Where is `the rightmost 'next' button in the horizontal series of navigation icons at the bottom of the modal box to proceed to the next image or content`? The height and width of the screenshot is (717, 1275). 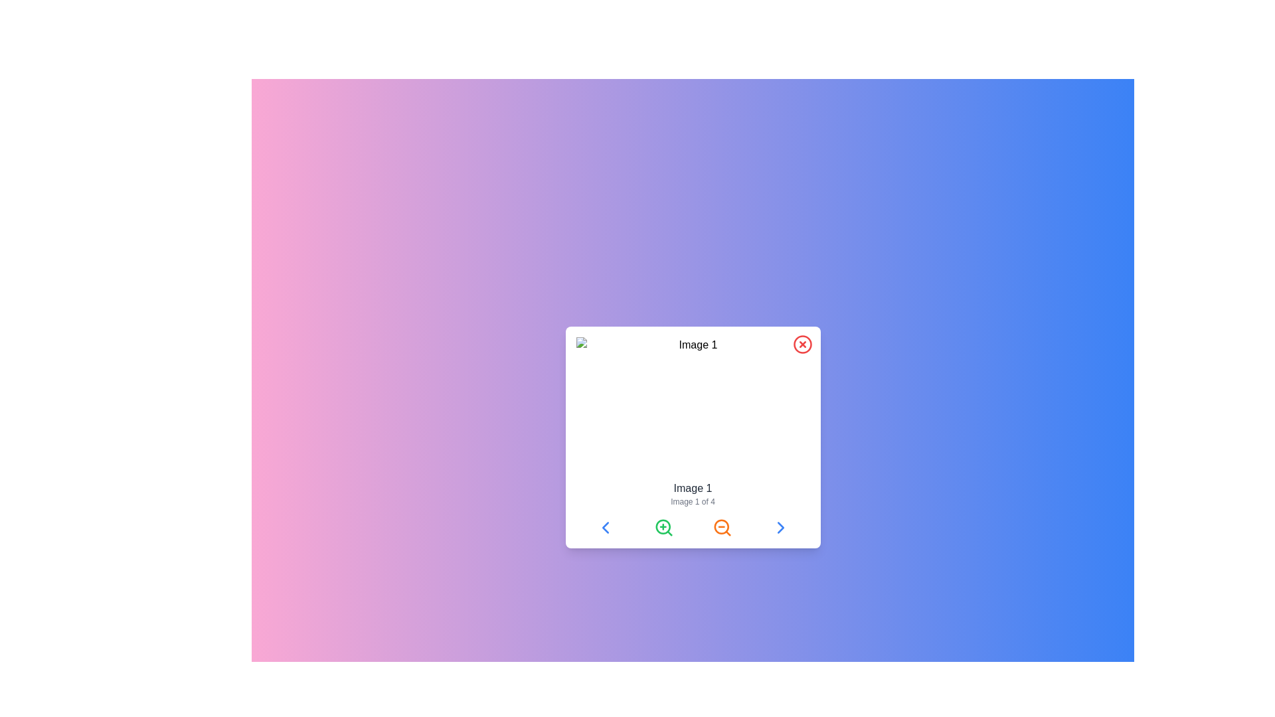
the rightmost 'next' button in the horizontal series of navigation icons at the bottom of the modal box to proceed to the next image or content is located at coordinates (780, 526).